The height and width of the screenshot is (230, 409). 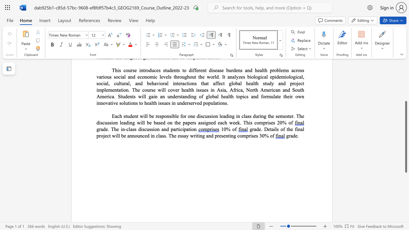 I want to click on the scrollbar on the right to shift the page higher, so click(x=405, y=93).